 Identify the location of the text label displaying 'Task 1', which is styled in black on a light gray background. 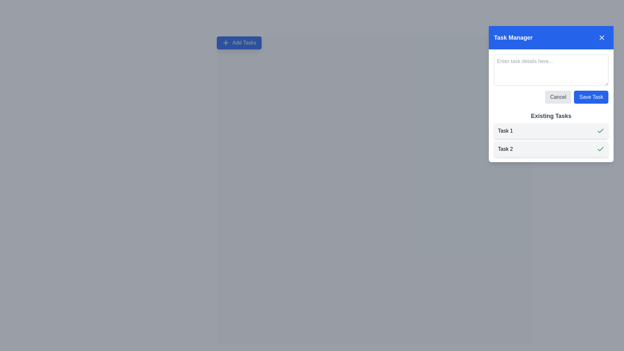
(505, 131).